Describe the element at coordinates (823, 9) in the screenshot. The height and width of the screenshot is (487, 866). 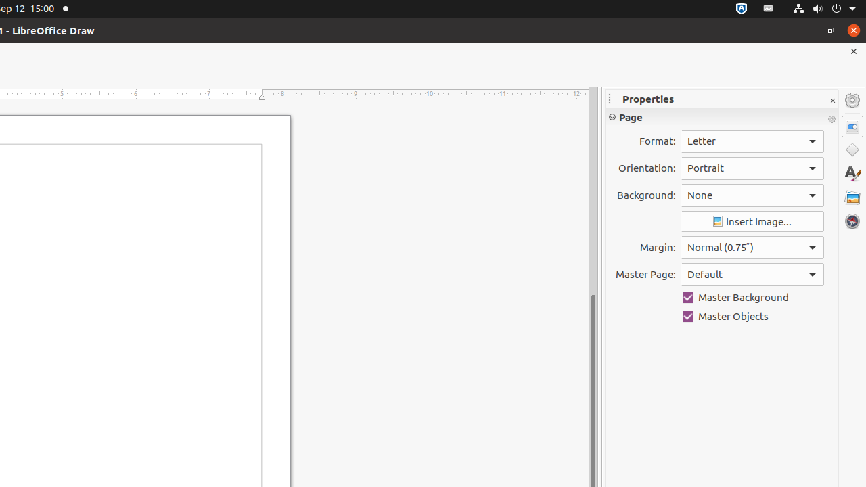
I see `'System'` at that location.